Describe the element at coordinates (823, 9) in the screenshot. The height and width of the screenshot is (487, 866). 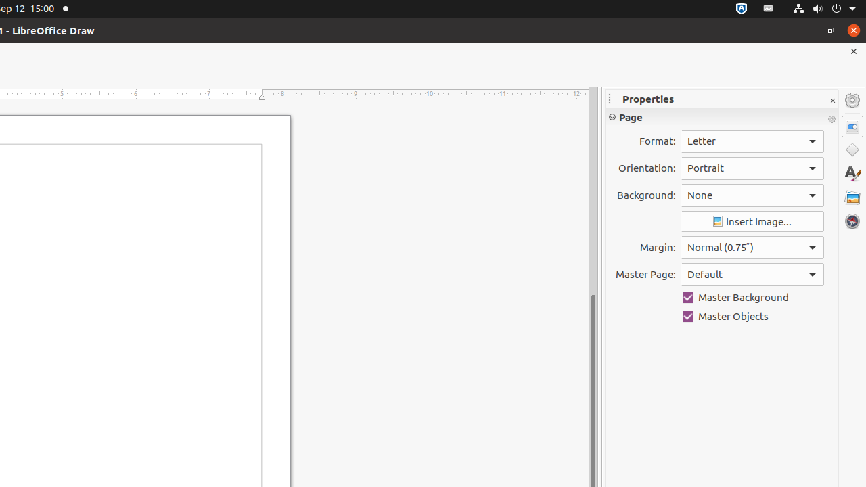
I see `'System'` at that location.